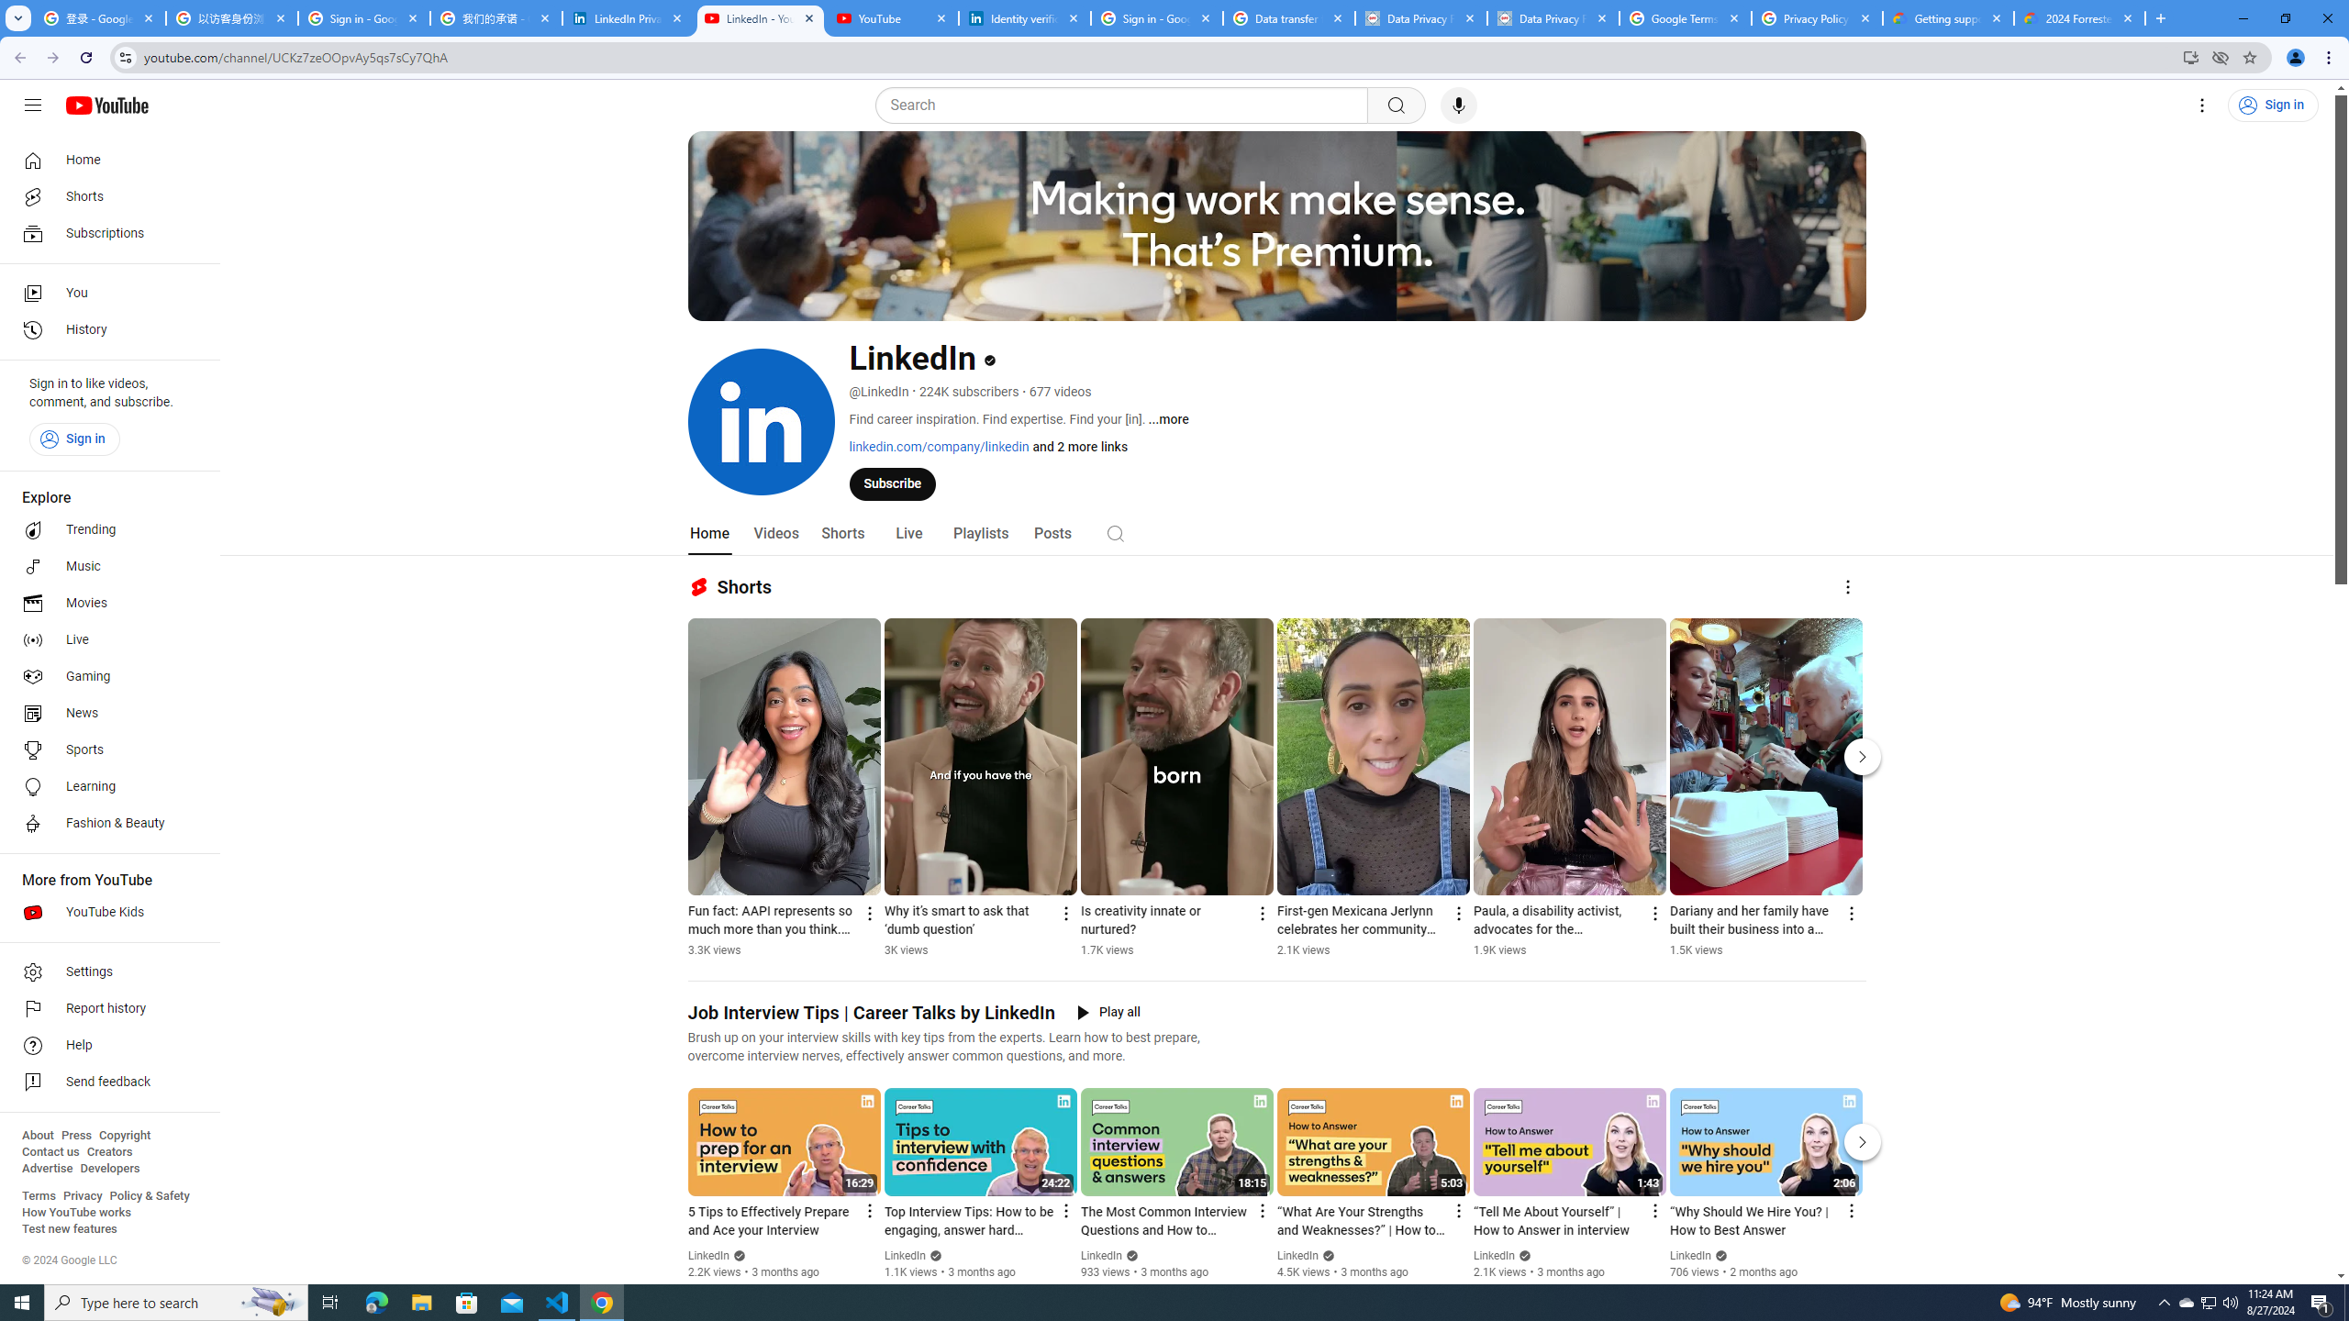 The width and height of the screenshot is (2349, 1321). What do you see at coordinates (1553, 17) in the screenshot?
I see `'Data Privacy Framework'` at bounding box center [1553, 17].